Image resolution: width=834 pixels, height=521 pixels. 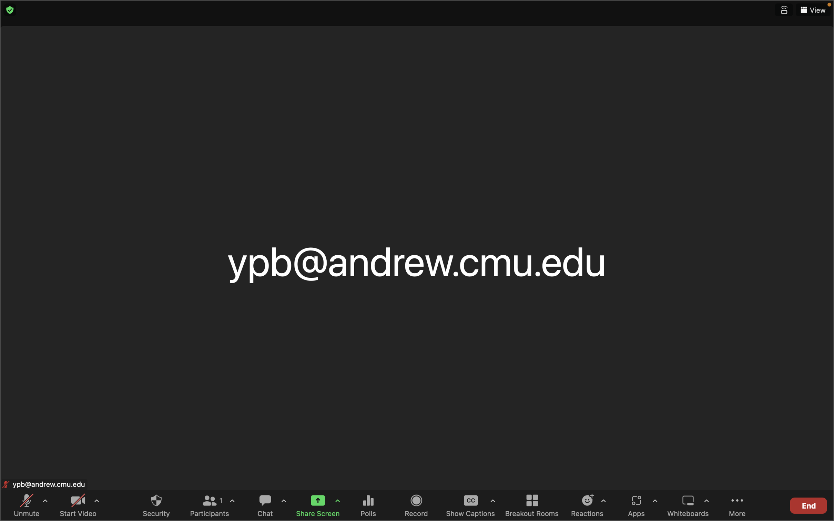 I want to click on Unmute the audio, so click(x=28, y=505).